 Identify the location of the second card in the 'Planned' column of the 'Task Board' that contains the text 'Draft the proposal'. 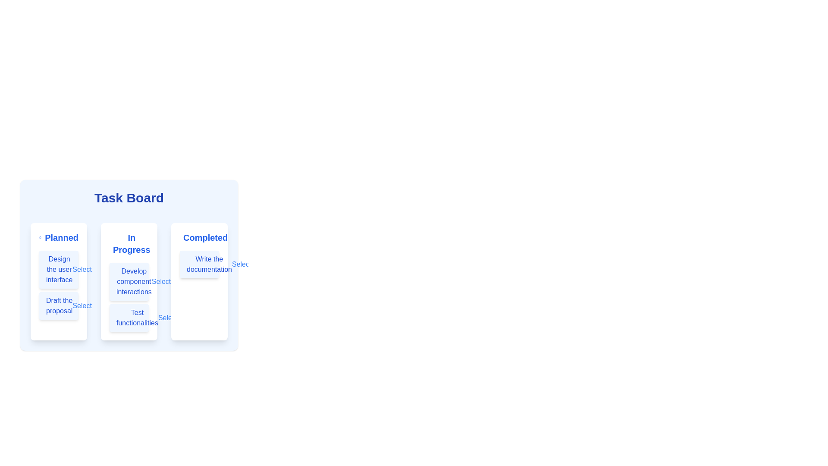
(58, 305).